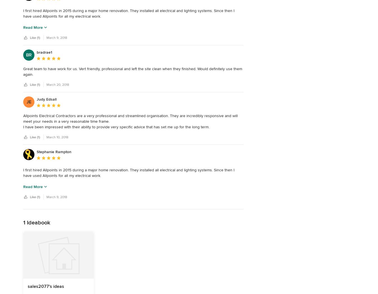  Describe the element at coordinates (57, 137) in the screenshot. I see `'March 10, 2018'` at that location.